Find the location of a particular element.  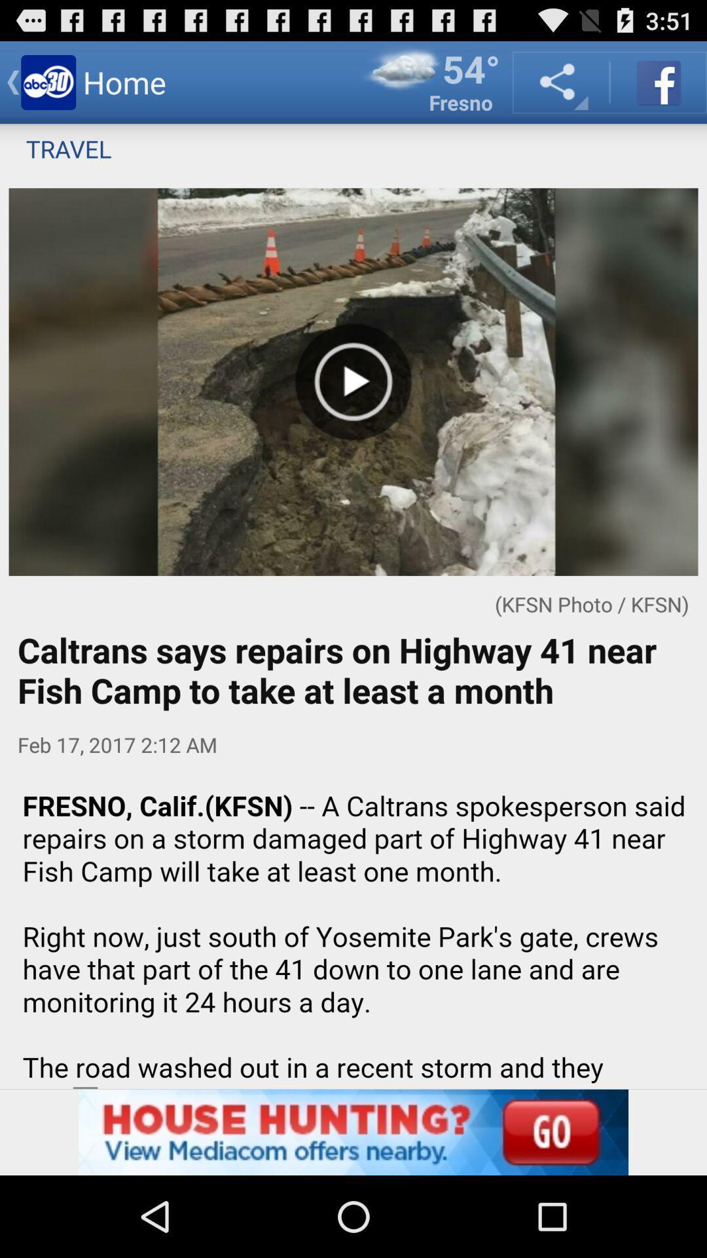

advertisement is located at coordinates (353, 1132).